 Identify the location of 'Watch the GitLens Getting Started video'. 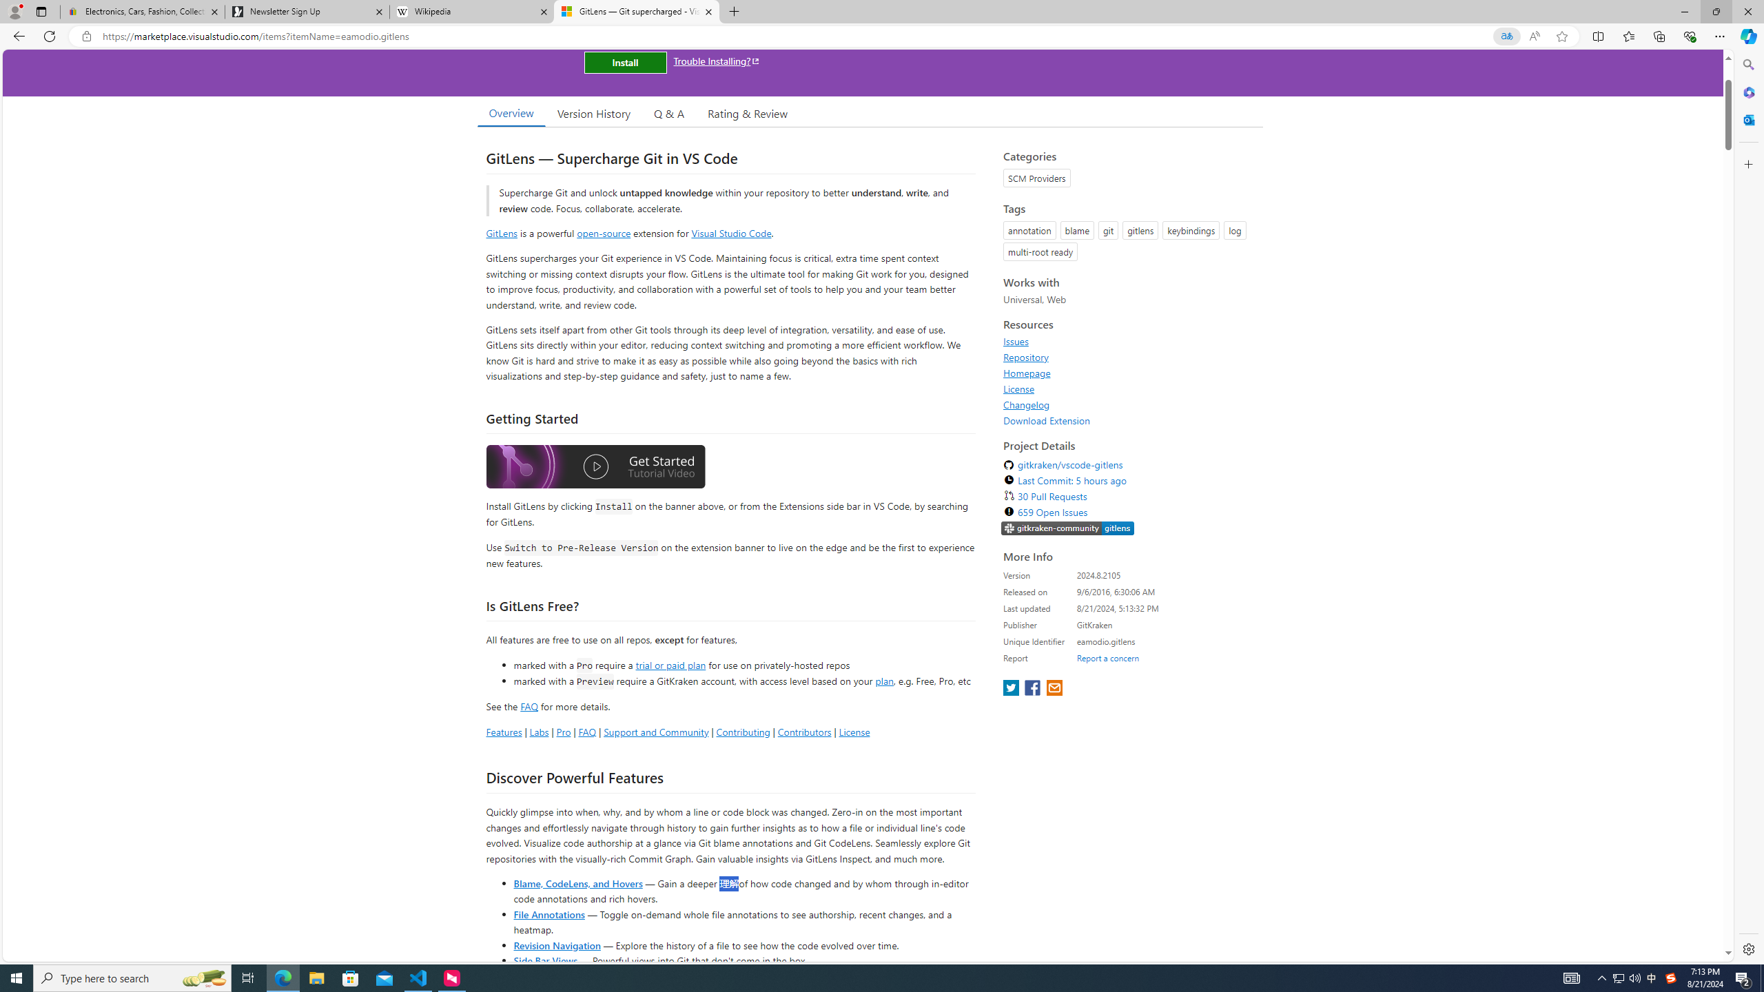
(595, 466).